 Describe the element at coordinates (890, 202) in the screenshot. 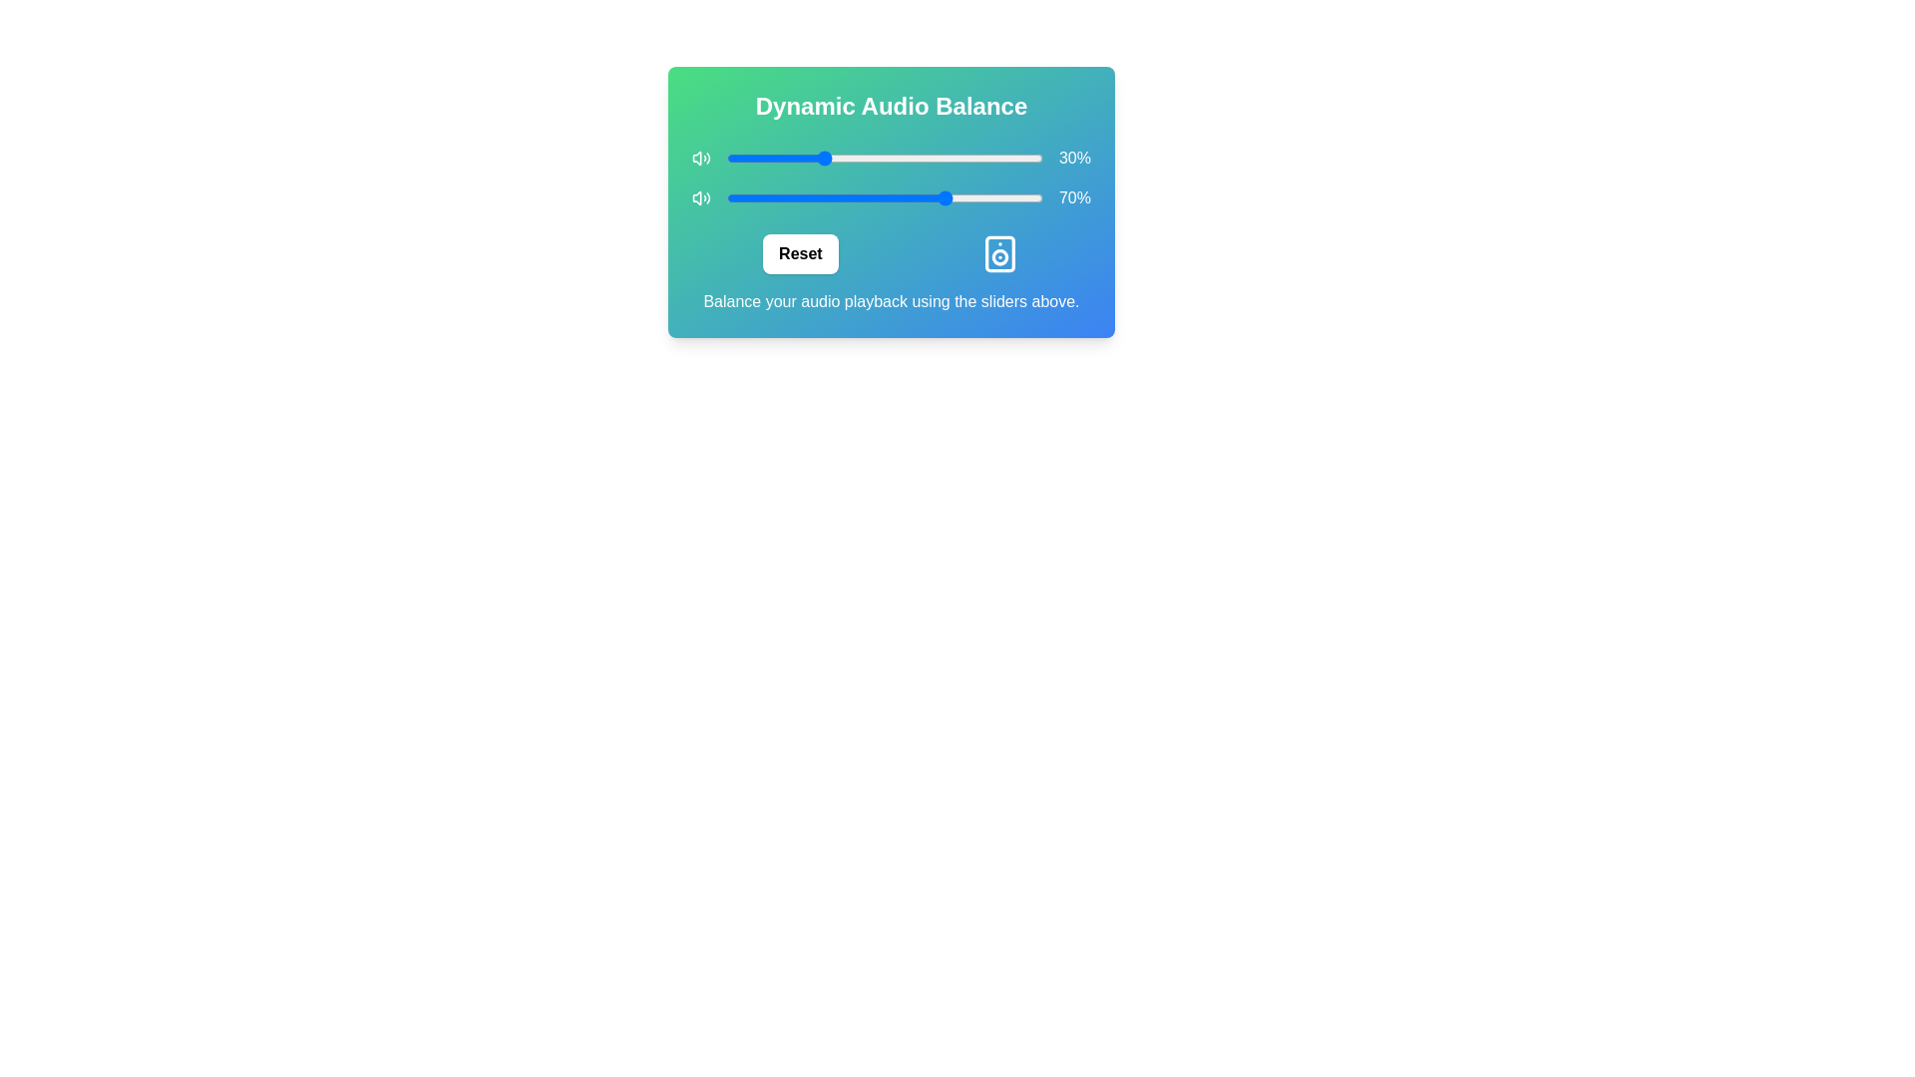

I see `the horizontal slider component, which features two sliders with percentage values (30% and 70%)` at that location.